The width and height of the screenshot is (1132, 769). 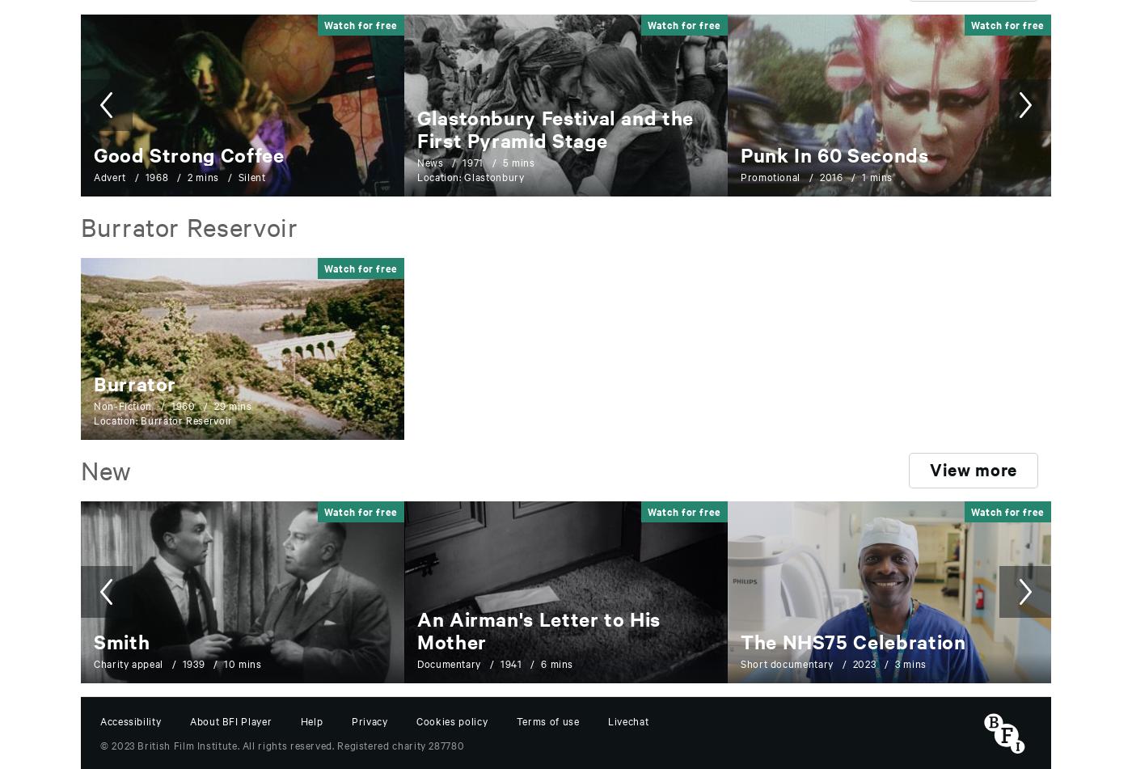 What do you see at coordinates (300, 719) in the screenshot?
I see `'Help'` at bounding box center [300, 719].